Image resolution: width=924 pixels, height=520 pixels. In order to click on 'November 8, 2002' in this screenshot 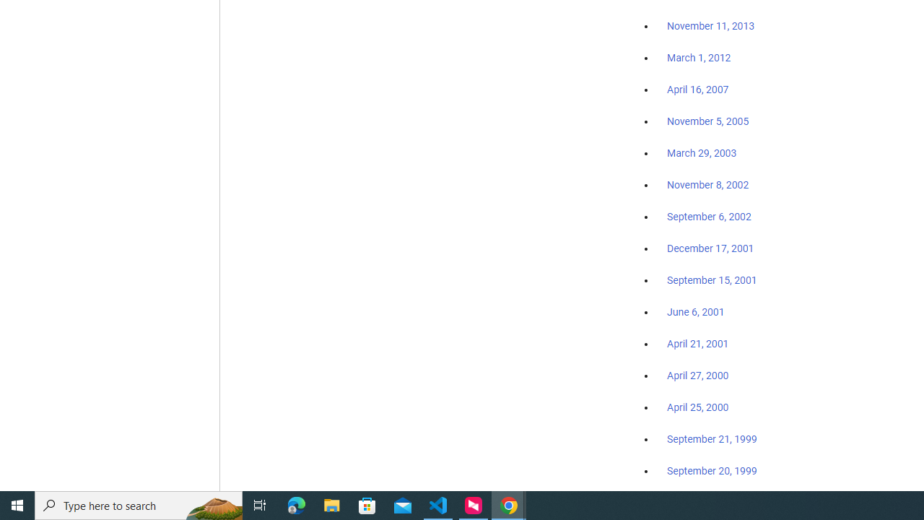, I will do `click(708, 184)`.